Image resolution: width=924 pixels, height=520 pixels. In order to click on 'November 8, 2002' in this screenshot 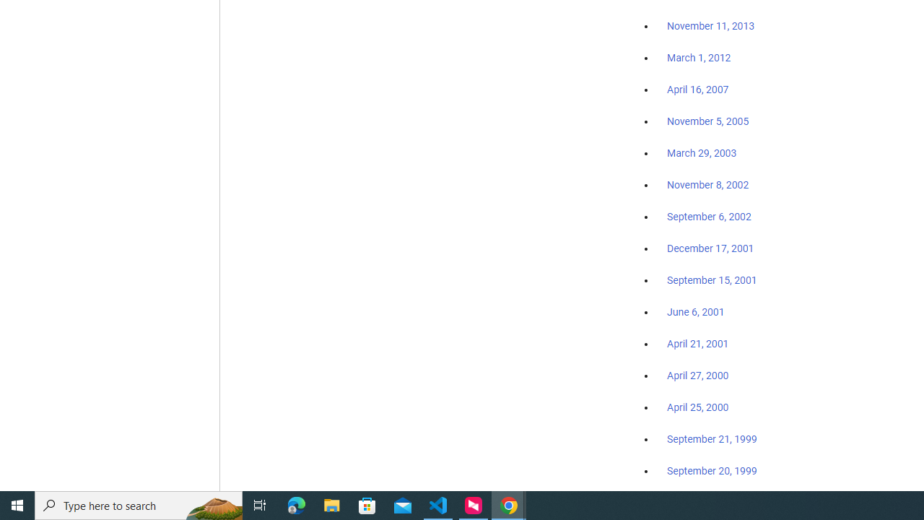, I will do `click(708, 184)`.